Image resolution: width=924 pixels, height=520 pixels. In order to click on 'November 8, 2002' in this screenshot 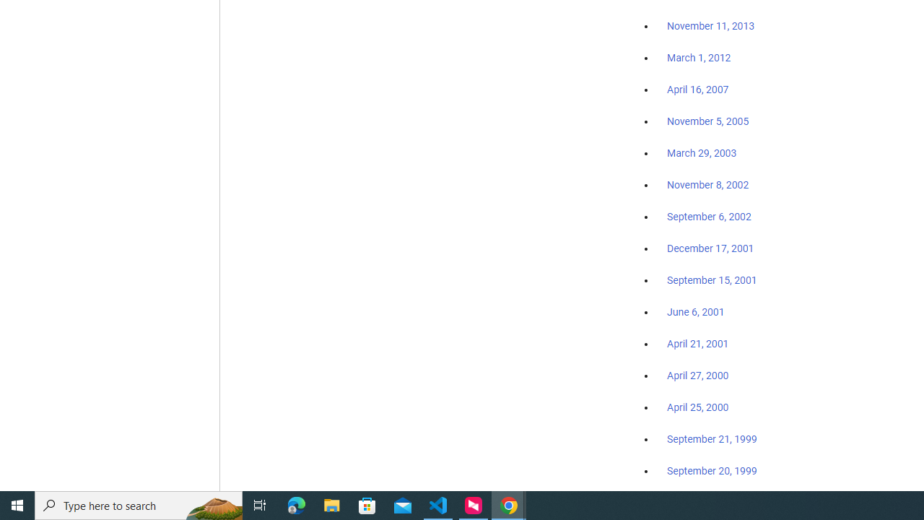, I will do `click(708, 184)`.